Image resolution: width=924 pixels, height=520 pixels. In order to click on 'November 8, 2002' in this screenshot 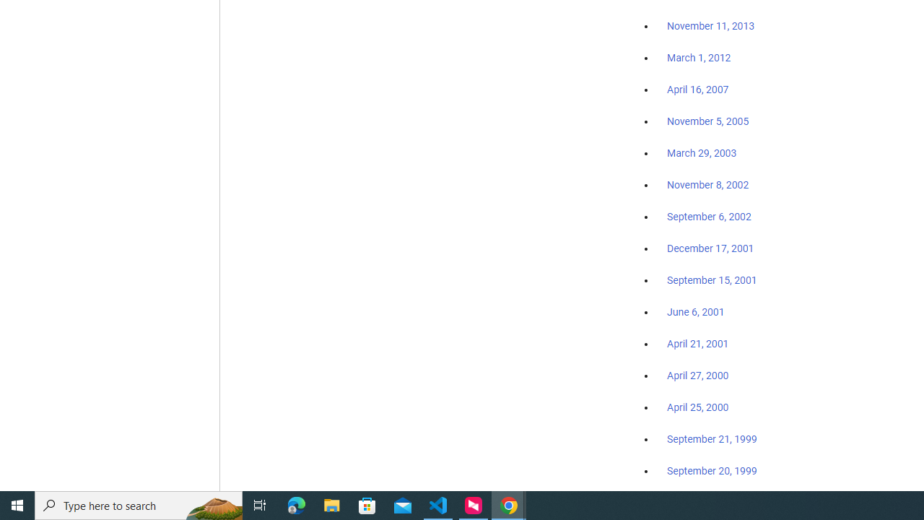, I will do `click(708, 184)`.